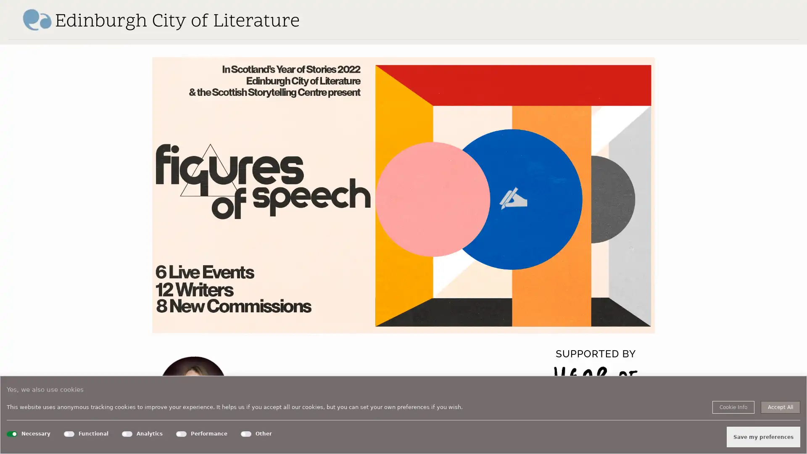 The width and height of the screenshot is (807, 454). I want to click on Accept All, so click(780, 406).